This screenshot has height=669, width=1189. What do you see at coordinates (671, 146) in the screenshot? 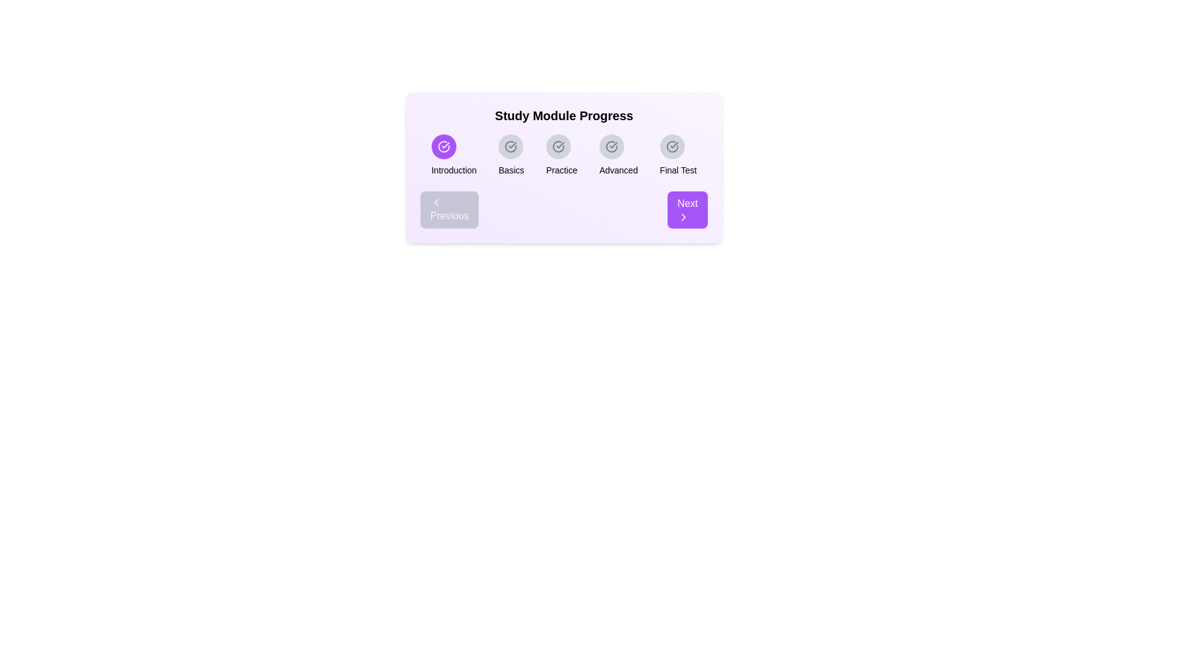
I see `the completion status icon for the 'Final Test' step in the progress tracker located in the fifth segment of the progress indicator` at bounding box center [671, 146].